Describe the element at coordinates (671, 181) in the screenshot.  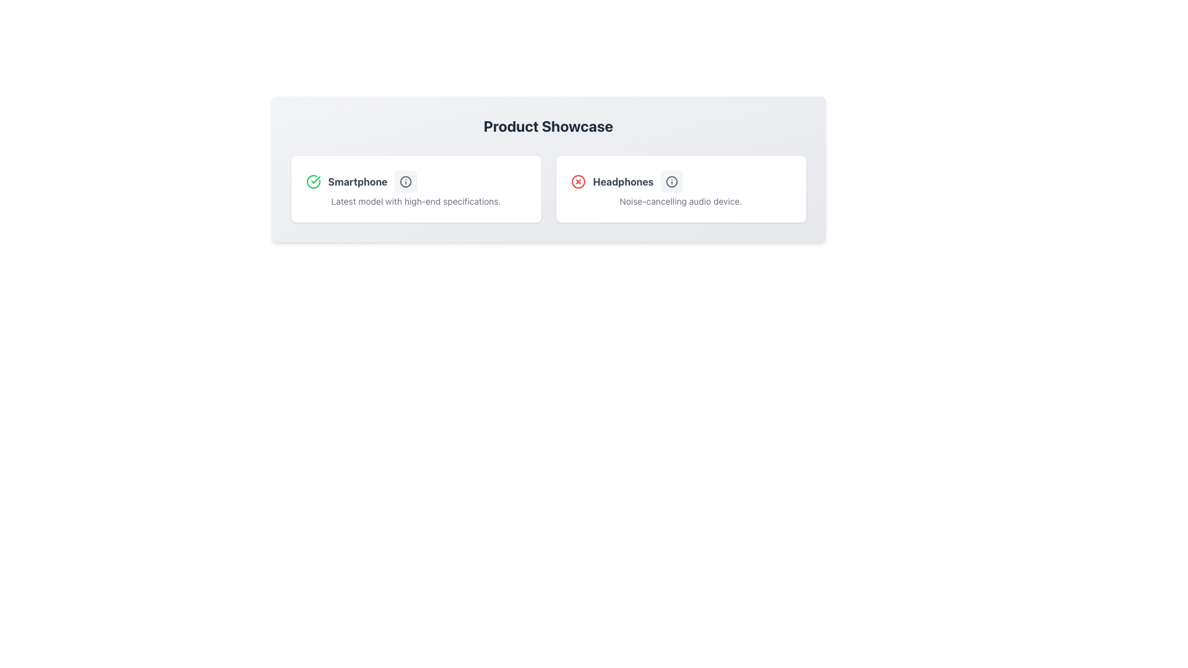
I see `the SVG Circle that visually indicates a help feature within the right information block of the 'Headphones' product card` at that location.